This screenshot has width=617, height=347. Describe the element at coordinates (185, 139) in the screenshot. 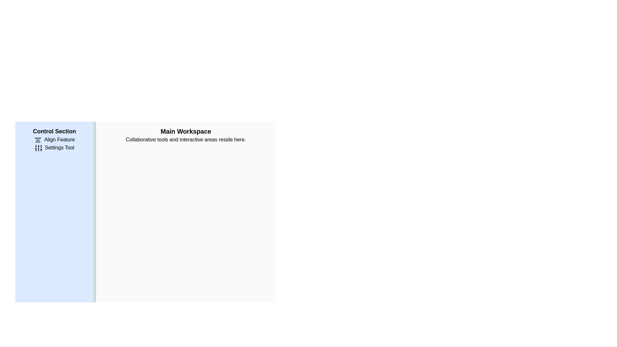

I see `the static text element that describes the 'Main Workspace' section, located directly below the header text of the same name` at that location.